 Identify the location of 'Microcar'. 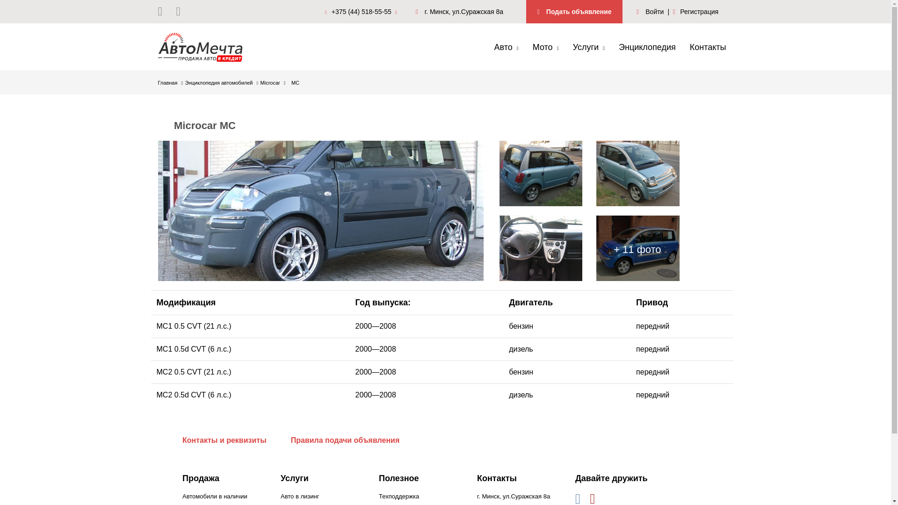
(273, 82).